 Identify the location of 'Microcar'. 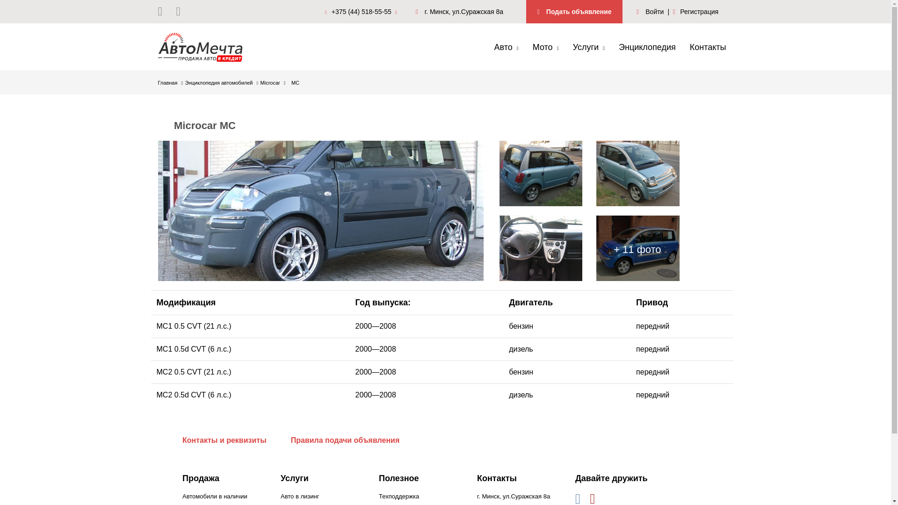
(273, 82).